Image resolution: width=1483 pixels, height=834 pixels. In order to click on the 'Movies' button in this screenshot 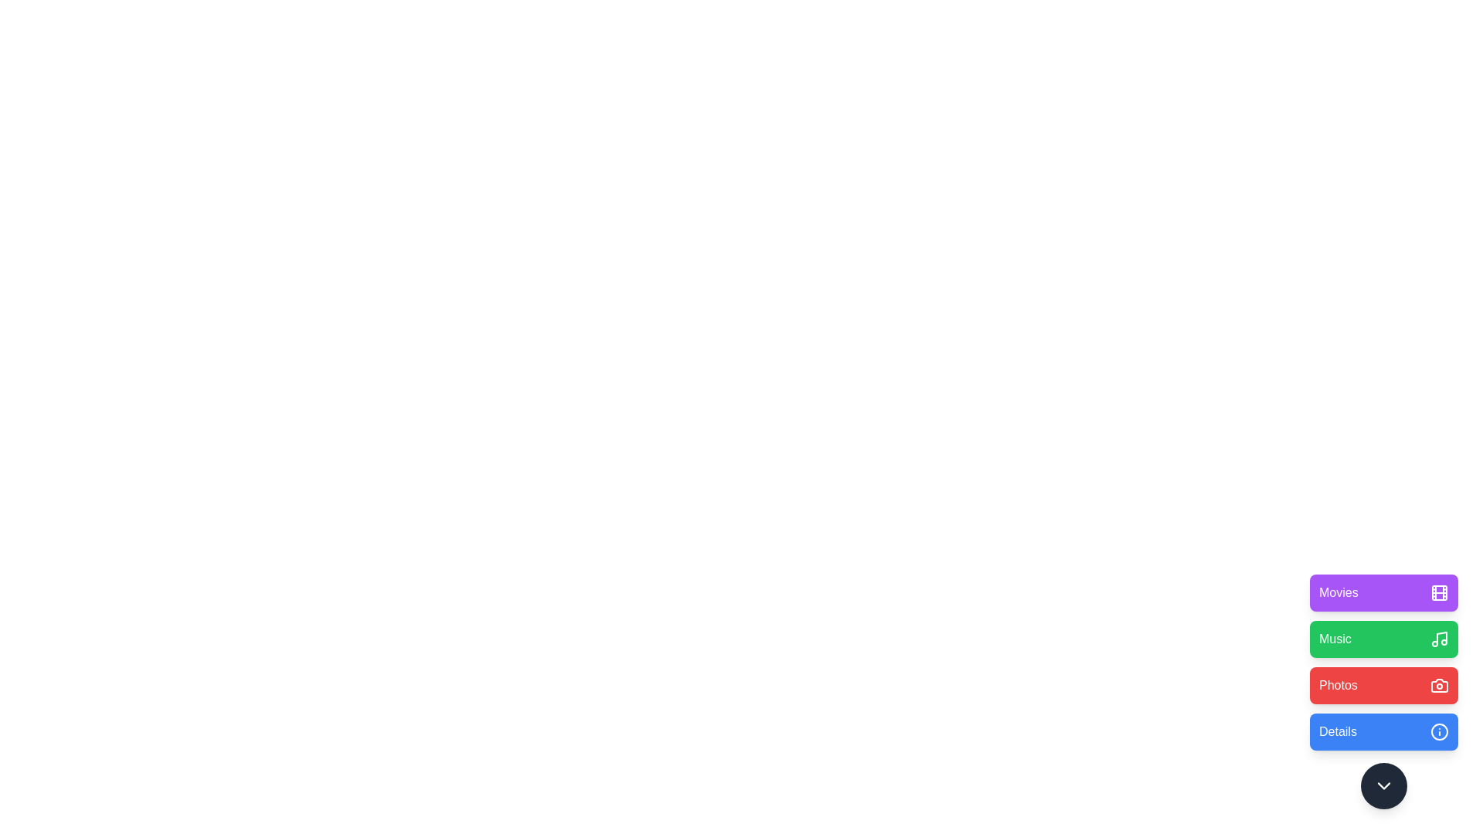, I will do `click(1383, 592)`.